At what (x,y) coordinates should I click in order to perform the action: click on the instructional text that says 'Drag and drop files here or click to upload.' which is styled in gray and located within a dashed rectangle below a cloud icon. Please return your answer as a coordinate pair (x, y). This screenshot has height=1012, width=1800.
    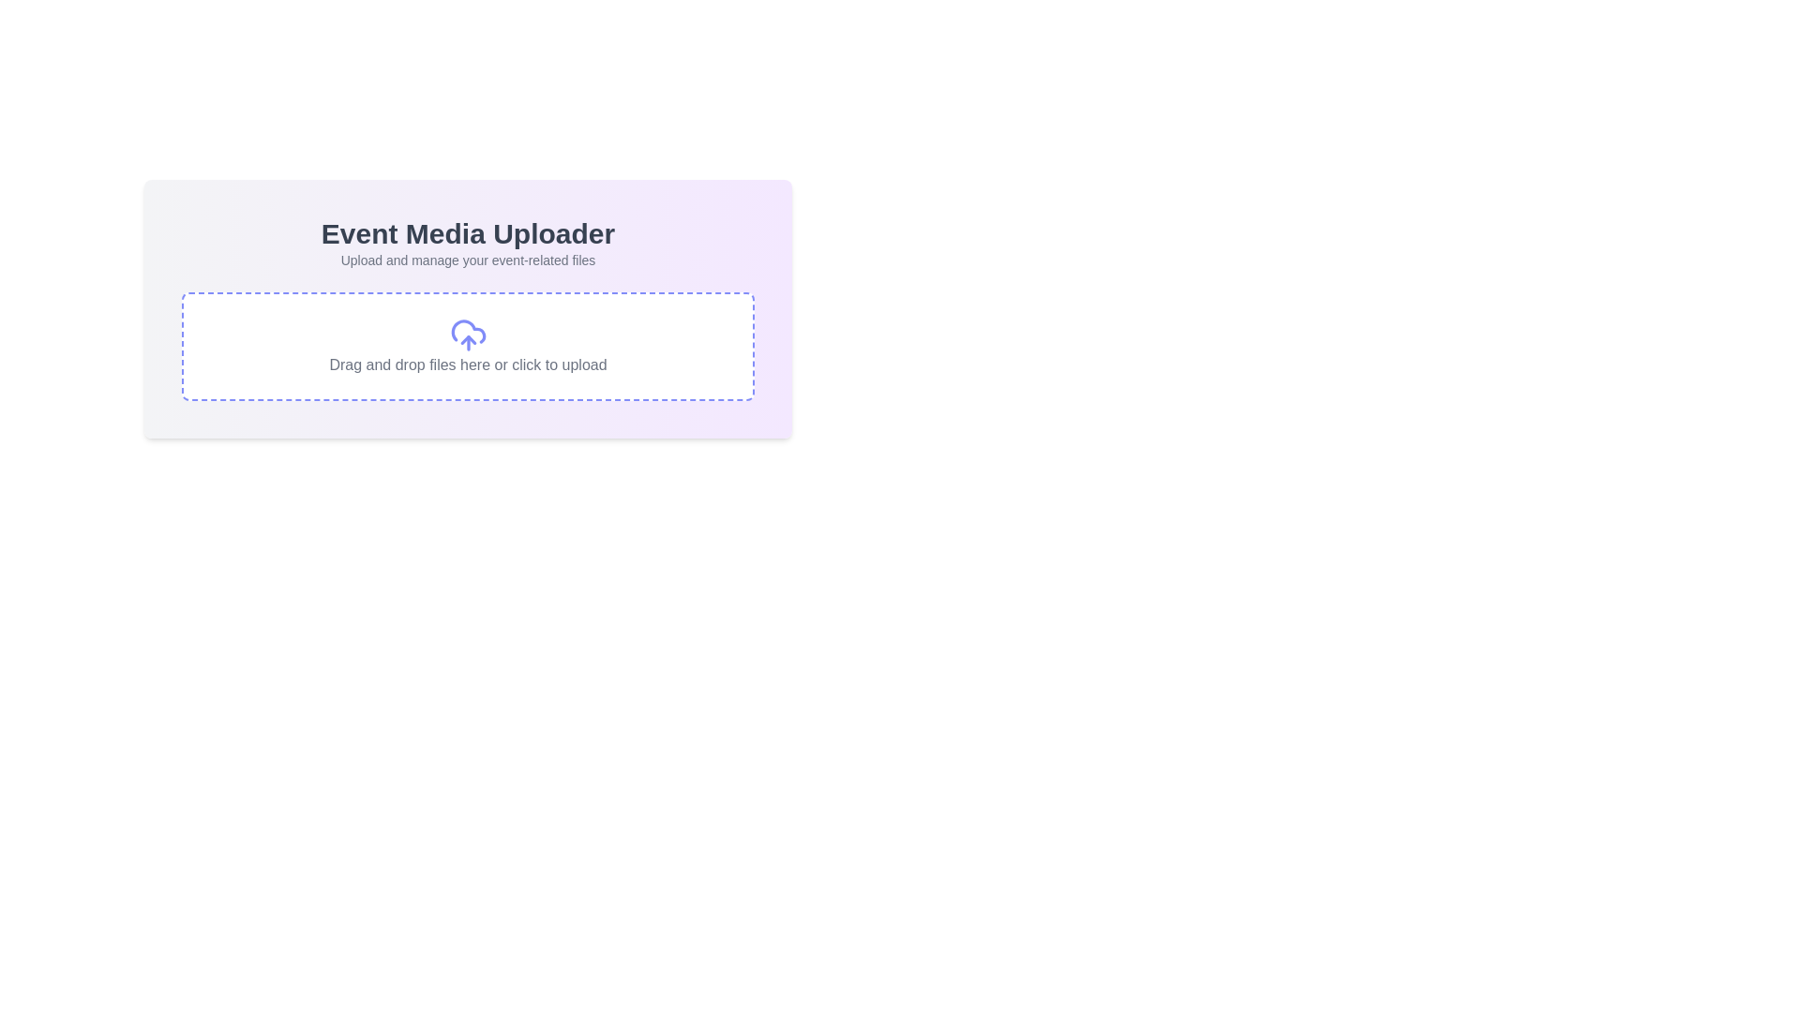
    Looking at the image, I should click on (468, 365).